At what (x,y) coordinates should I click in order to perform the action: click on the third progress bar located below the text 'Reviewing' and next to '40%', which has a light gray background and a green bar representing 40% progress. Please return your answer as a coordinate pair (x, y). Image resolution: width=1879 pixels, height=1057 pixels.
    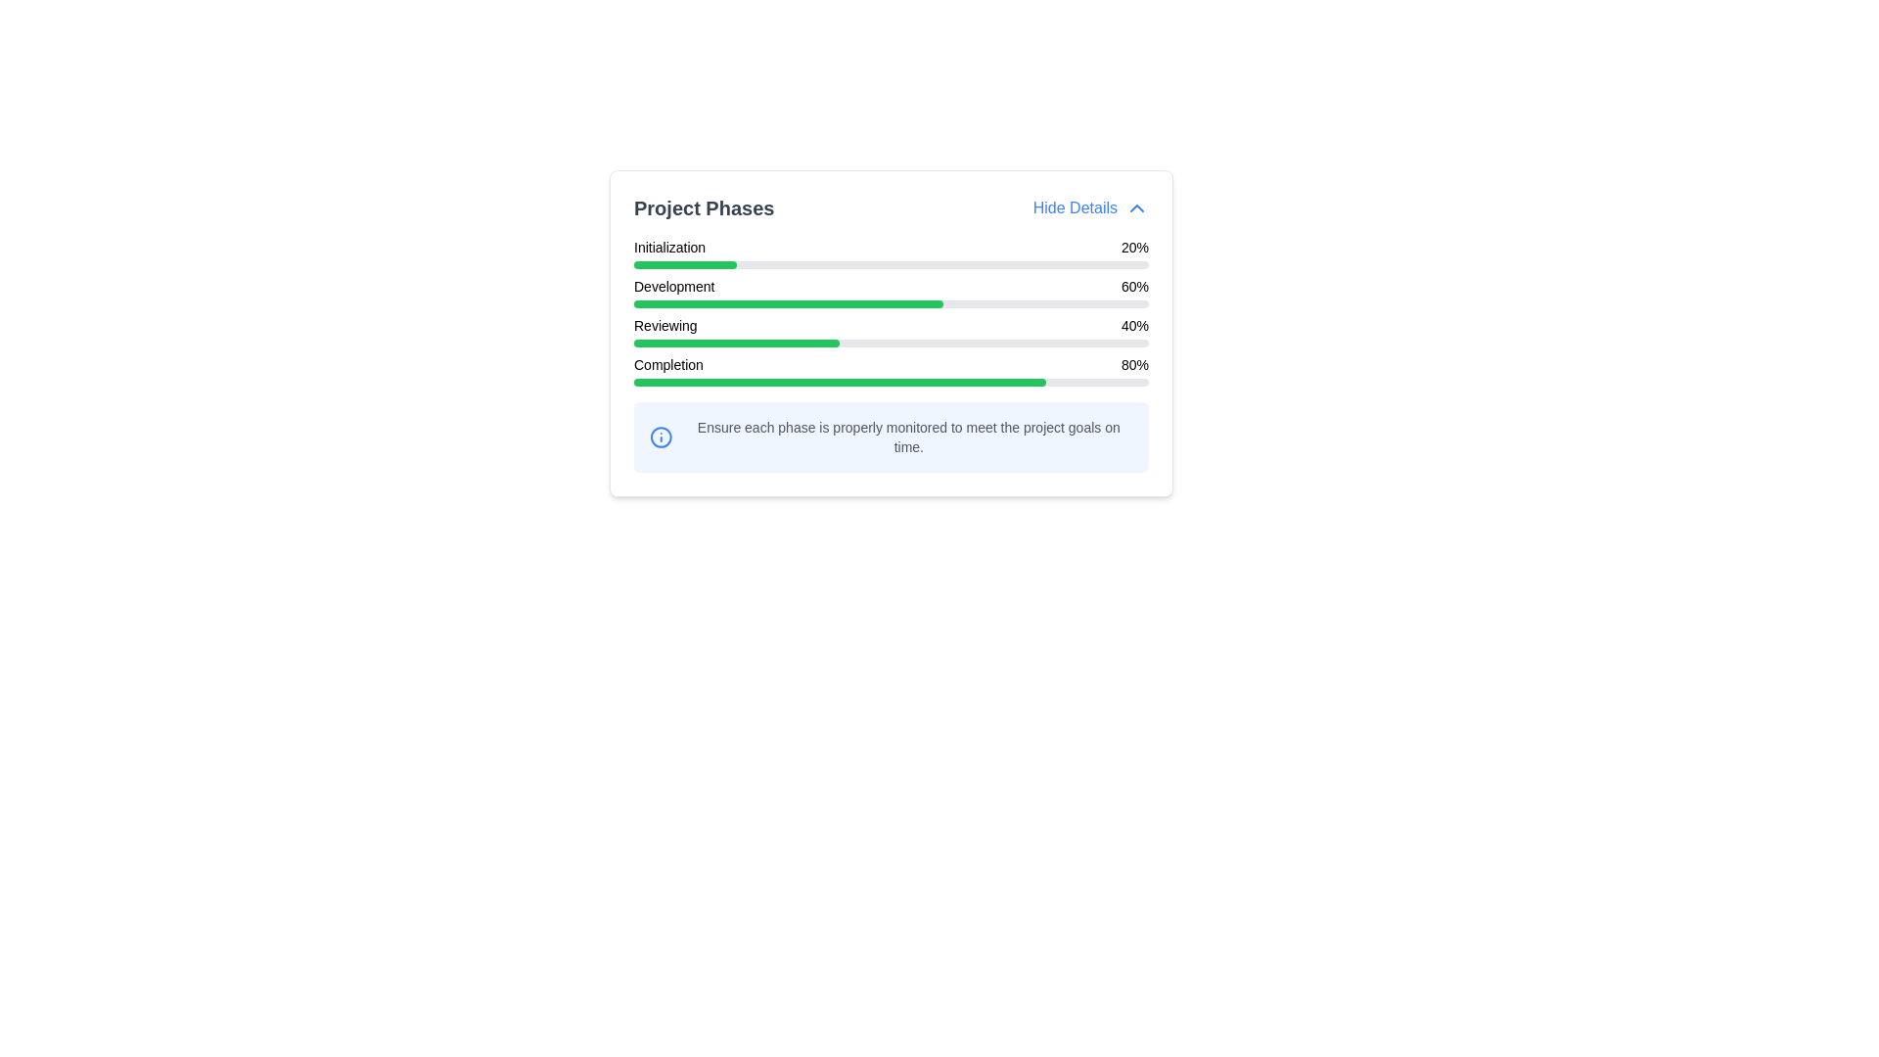
    Looking at the image, I should click on (891, 343).